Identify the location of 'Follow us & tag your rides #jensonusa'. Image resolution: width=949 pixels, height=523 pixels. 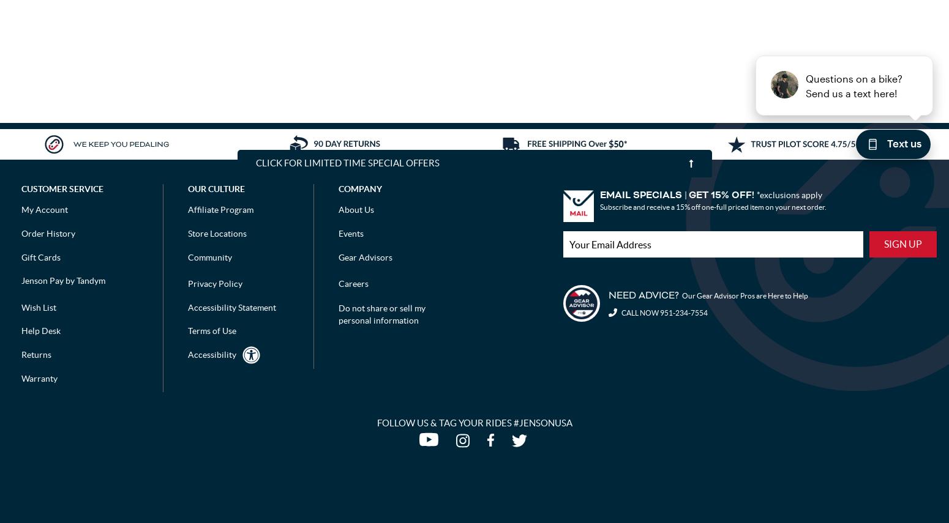
(474, 423).